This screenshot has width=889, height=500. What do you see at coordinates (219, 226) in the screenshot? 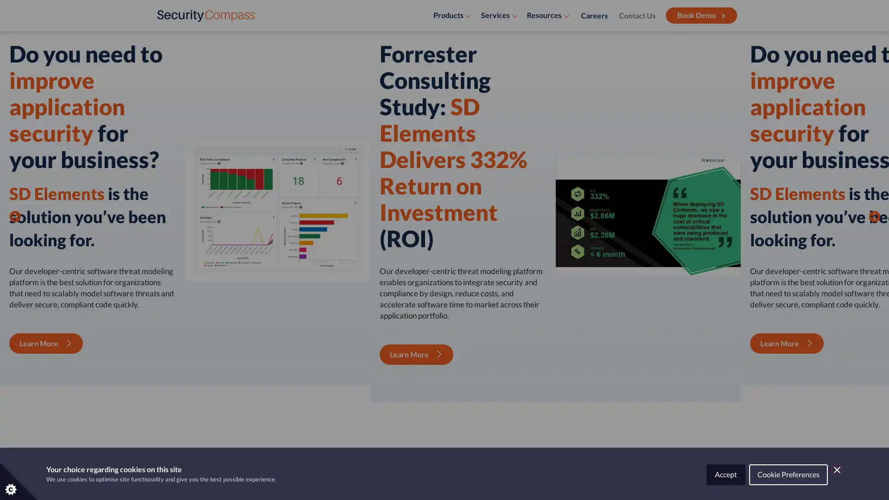
I see `Learn More` at bounding box center [219, 226].